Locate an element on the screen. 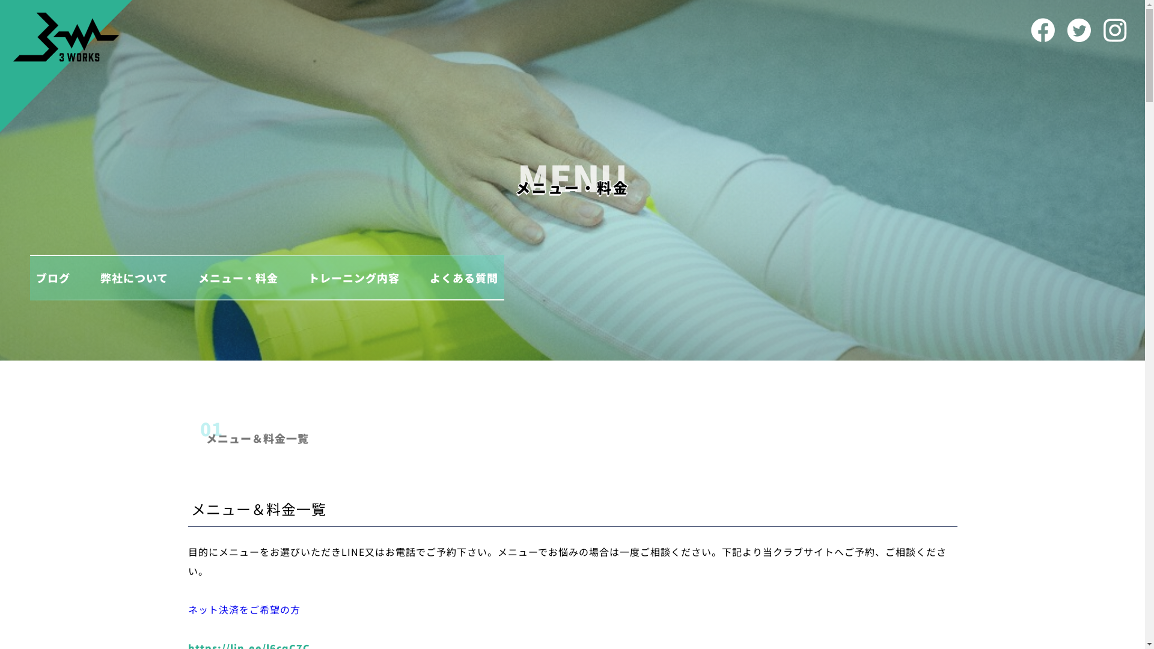 This screenshot has height=649, width=1154. 'Instagram' is located at coordinates (1114, 29).